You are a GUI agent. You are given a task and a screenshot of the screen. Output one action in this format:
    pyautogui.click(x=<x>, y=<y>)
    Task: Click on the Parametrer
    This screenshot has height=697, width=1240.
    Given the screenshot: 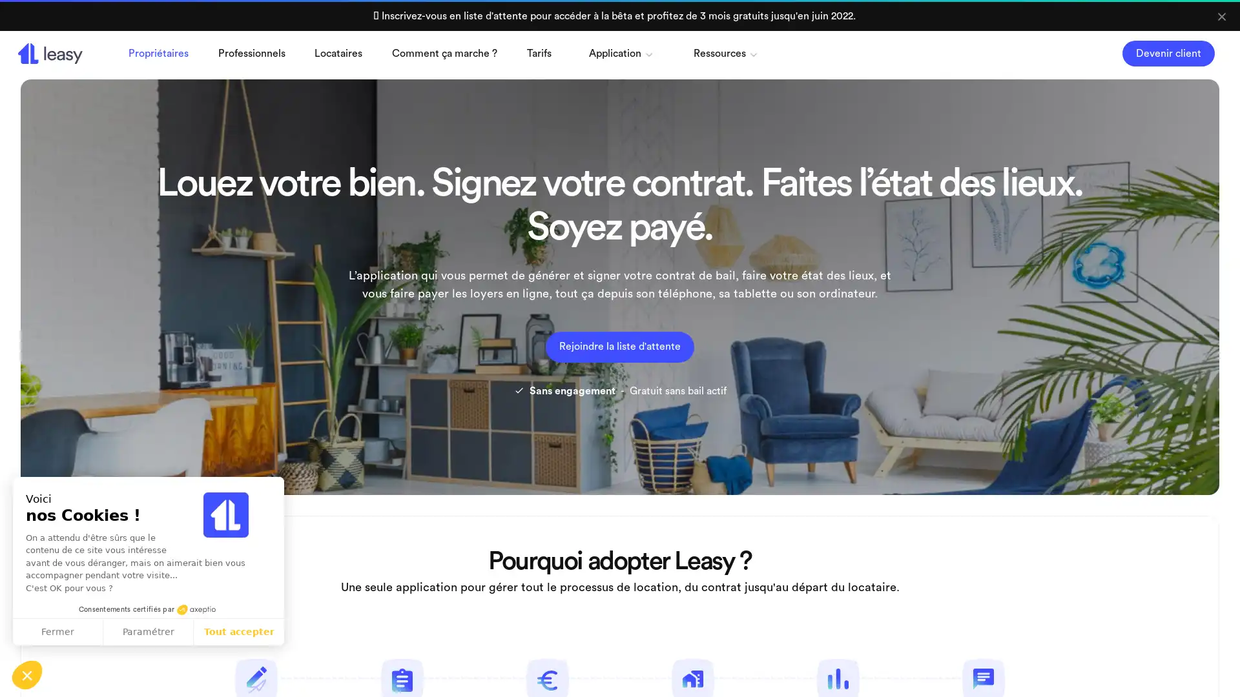 What is the action you would take?
    pyautogui.click(x=149, y=631)
    